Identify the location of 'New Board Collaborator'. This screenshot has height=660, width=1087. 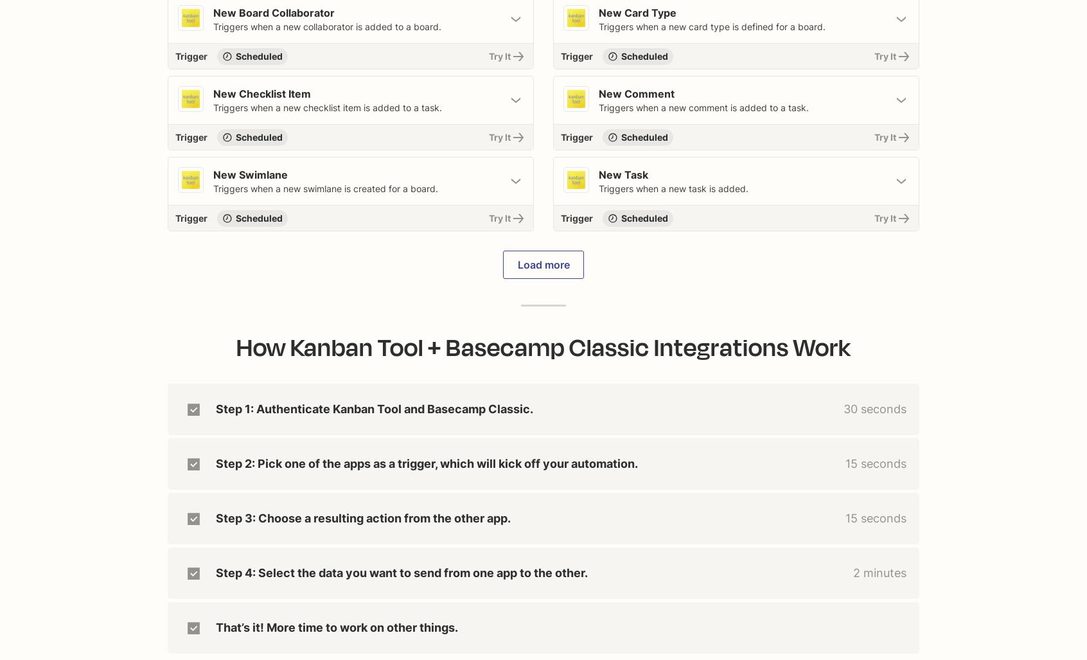
(273, 13).